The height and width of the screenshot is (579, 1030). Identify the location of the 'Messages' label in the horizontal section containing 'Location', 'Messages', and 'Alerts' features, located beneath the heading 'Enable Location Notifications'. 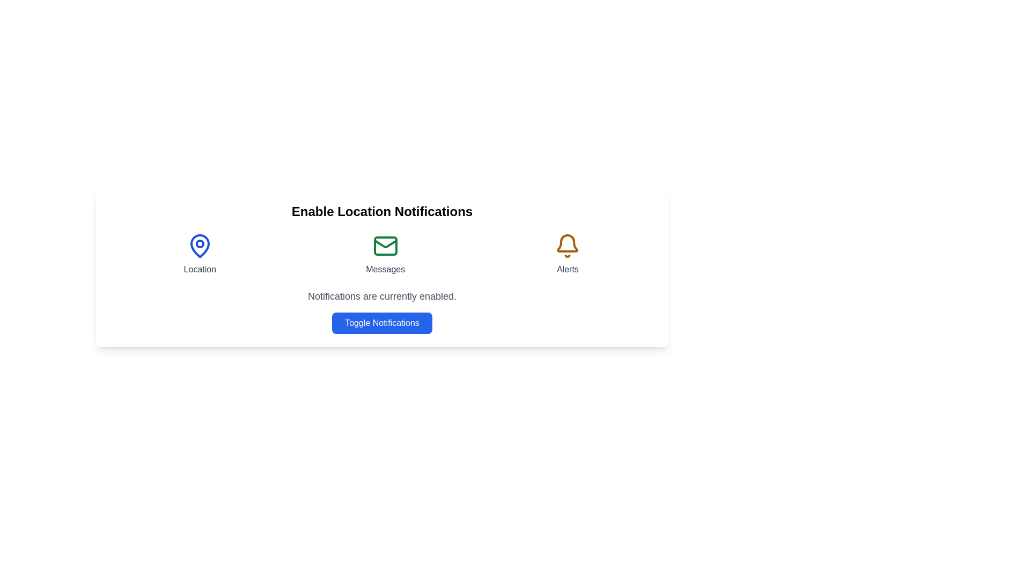
(382, 254).